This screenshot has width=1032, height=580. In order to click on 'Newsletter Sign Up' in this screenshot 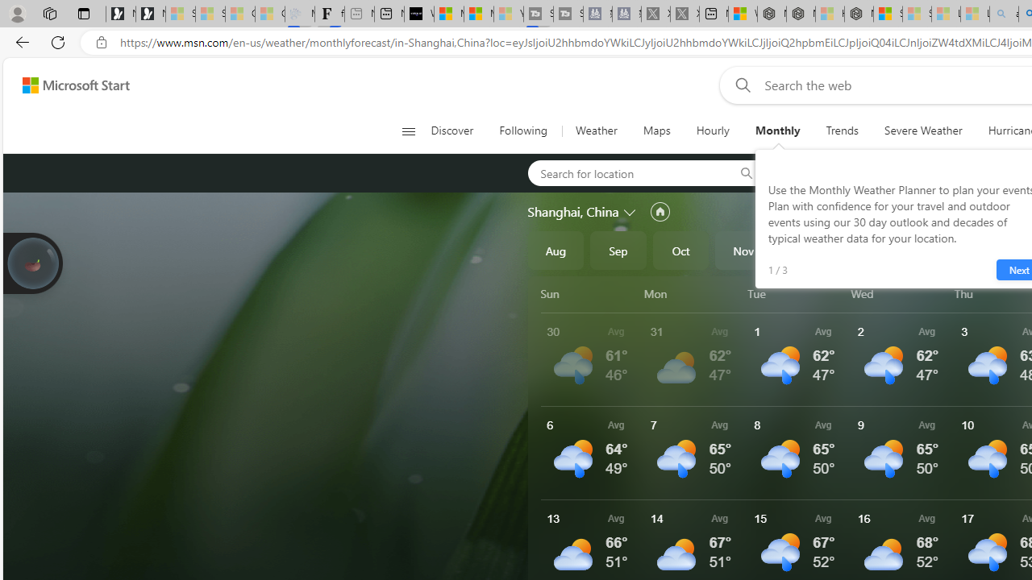, I will do `click(150, 14)`.